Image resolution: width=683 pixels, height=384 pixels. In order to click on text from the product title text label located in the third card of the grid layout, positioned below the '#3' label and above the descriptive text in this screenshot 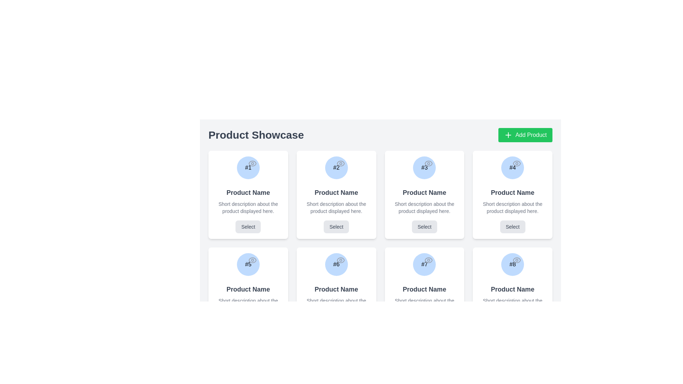, I will do `click(424, 193)`.